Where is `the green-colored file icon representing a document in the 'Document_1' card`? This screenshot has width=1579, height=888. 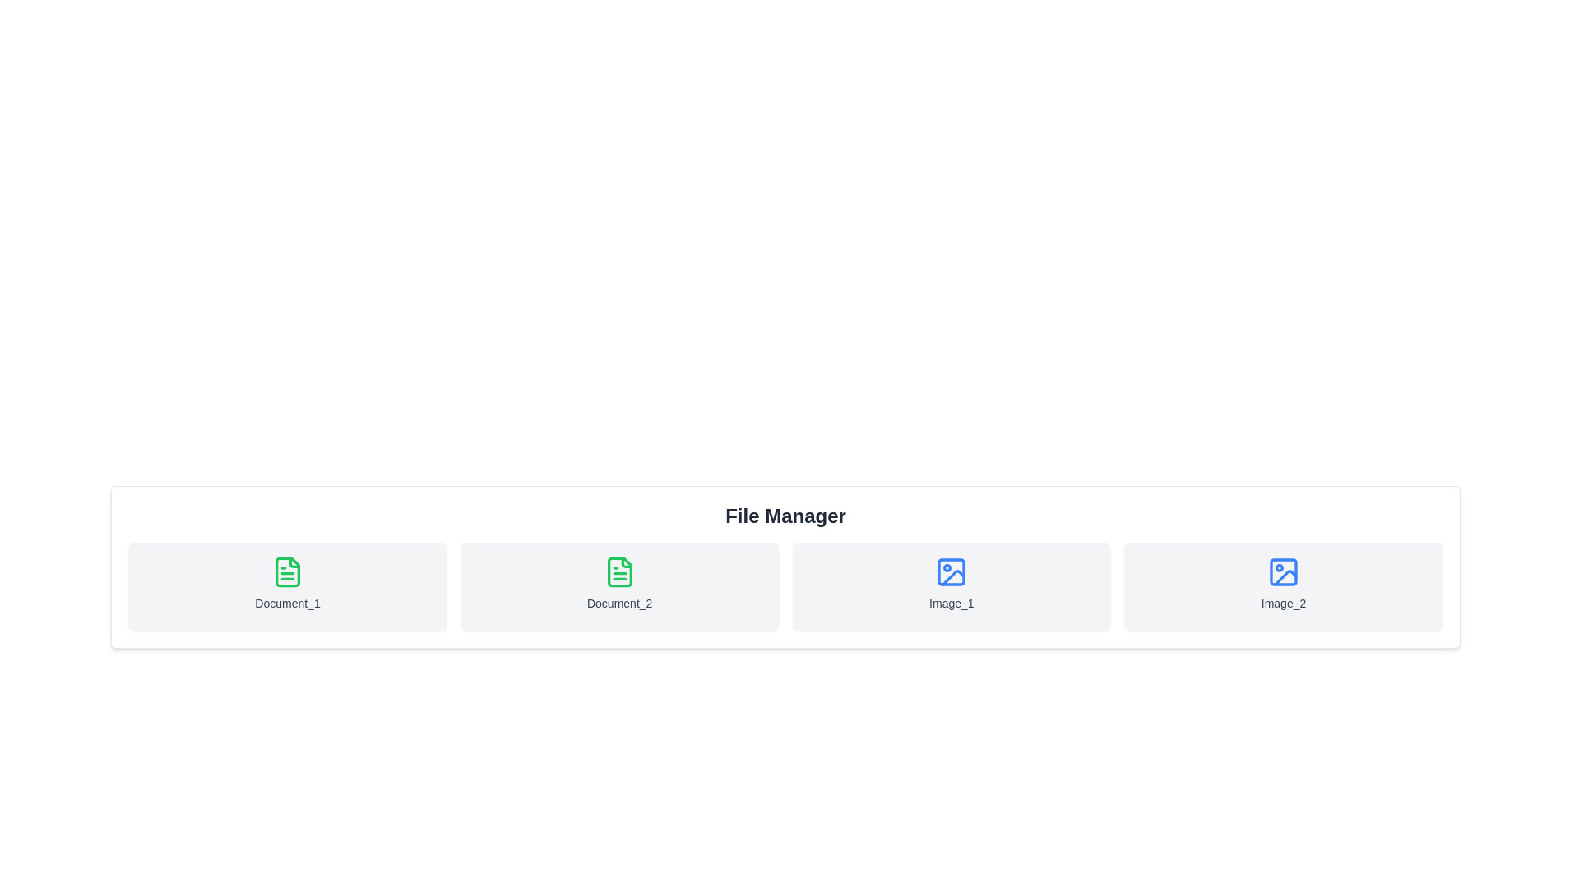
the green-colored file icon representing a document in the 'Document_1' card is located at coordinates (288, 571).